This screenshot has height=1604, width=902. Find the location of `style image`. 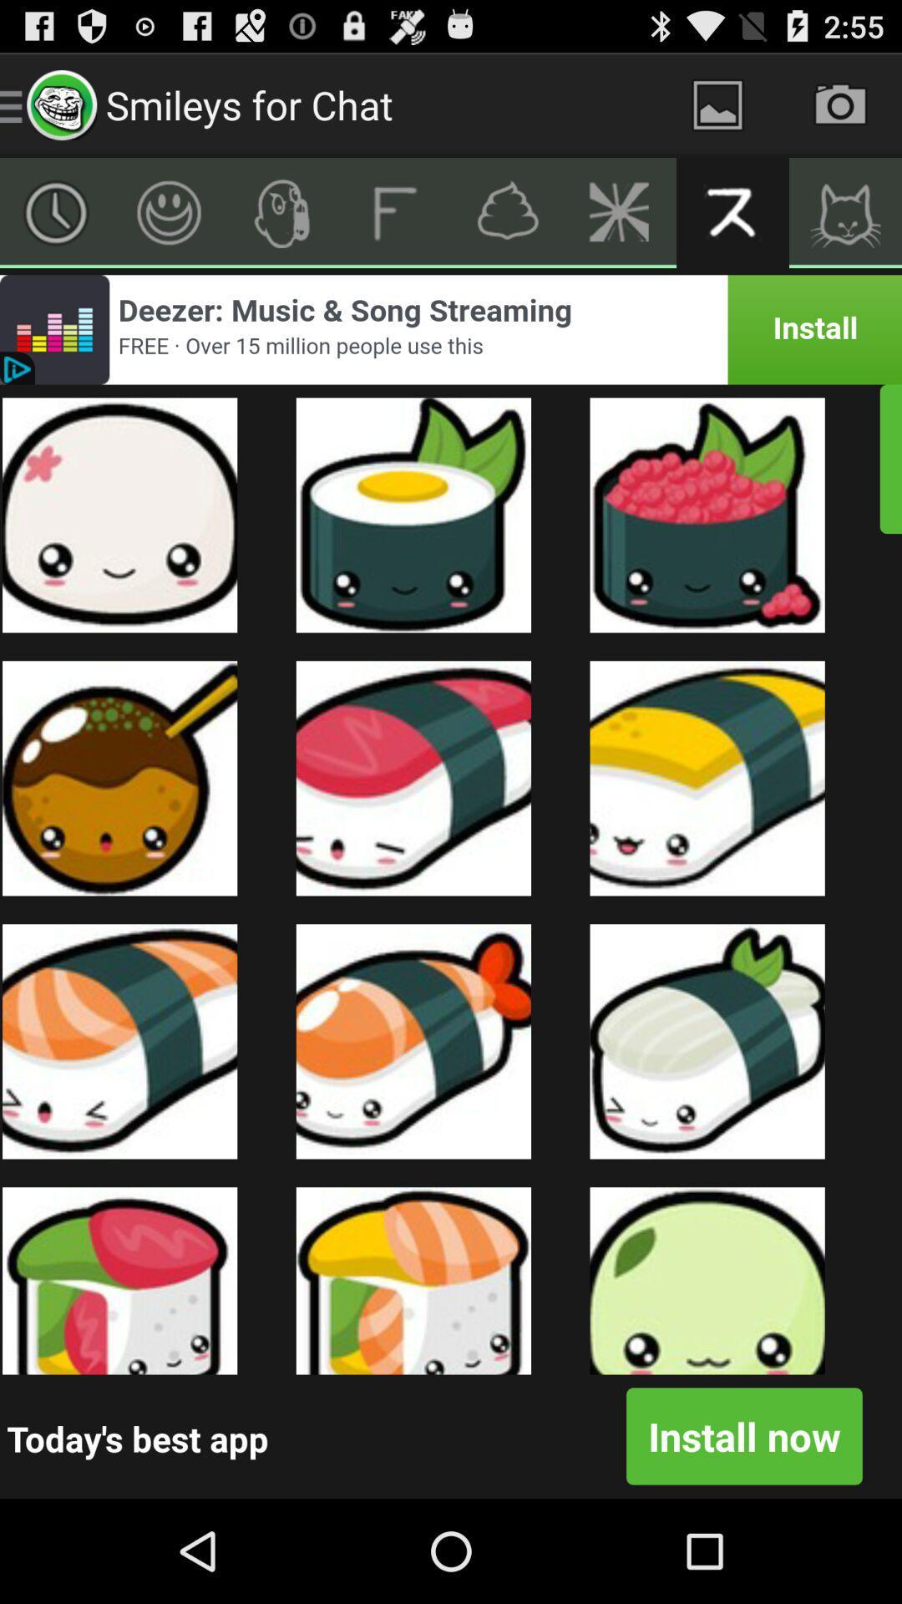

style image is located at coordinates (281, 211).